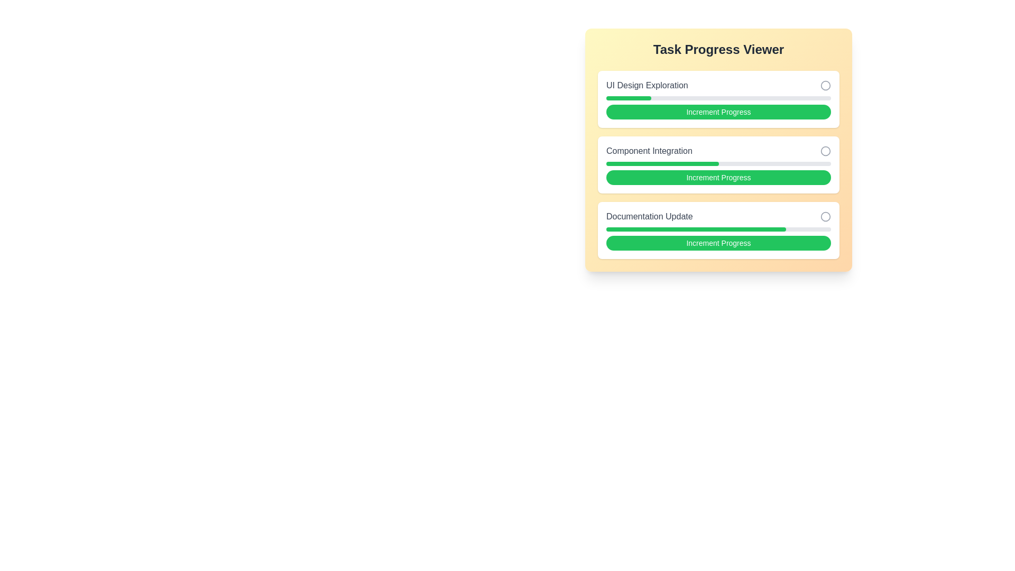 This screenshot has height=571, width=1015. What do you see at coordinates (718, 229) in the screenshot?
I see `the progress bar indicating the completion level of the 'Documentation Update' task, which is centrally positioned below the task title and above the action button labeled 'Increment Progress'` at bounding box center [718, 229].